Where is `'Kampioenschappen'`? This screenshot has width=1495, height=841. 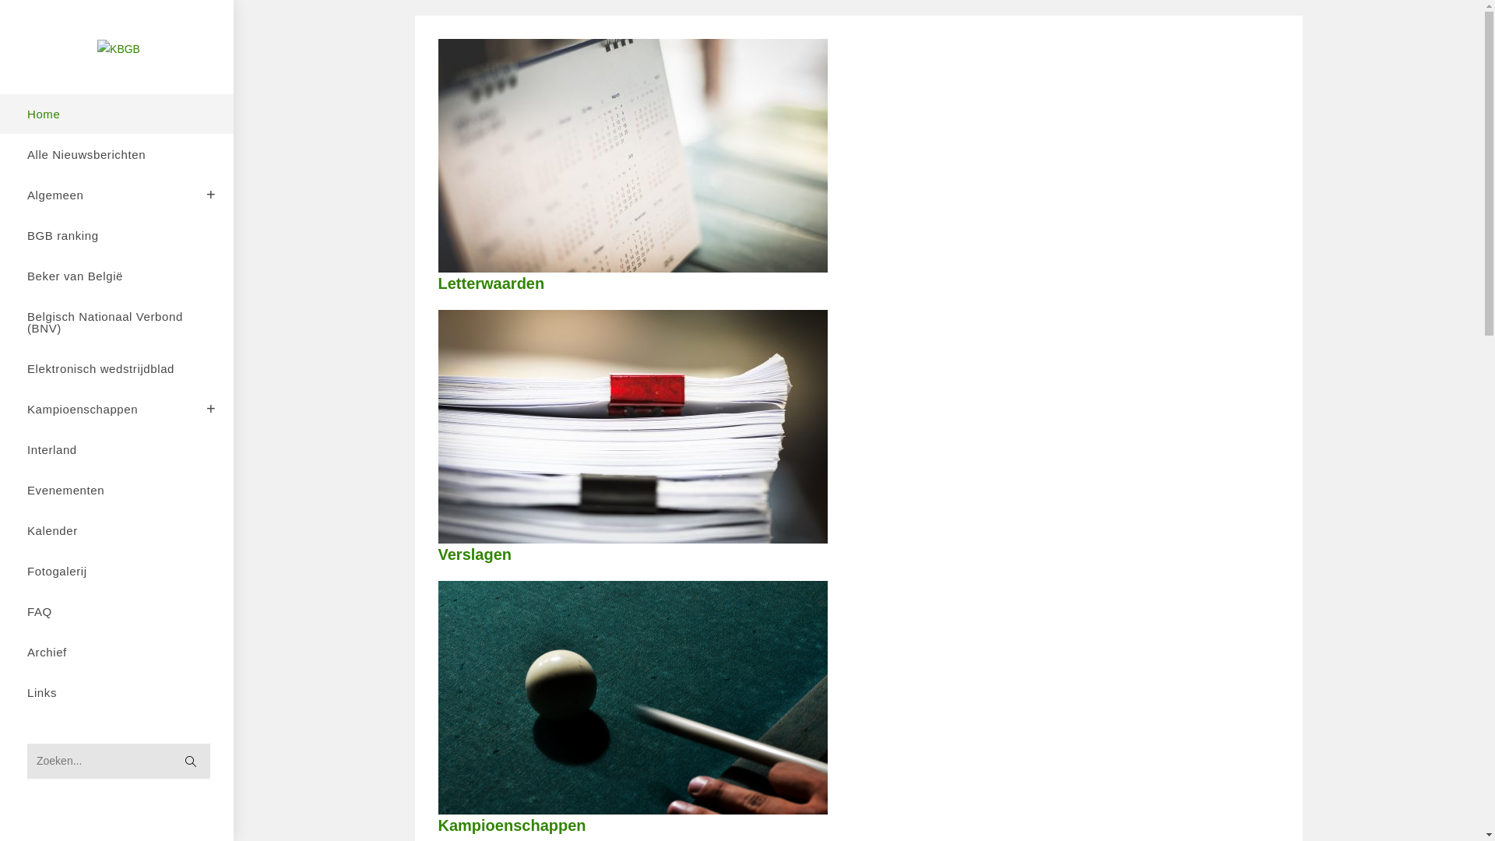 'Kampioenschappen' is located at coordinates (512, 825).